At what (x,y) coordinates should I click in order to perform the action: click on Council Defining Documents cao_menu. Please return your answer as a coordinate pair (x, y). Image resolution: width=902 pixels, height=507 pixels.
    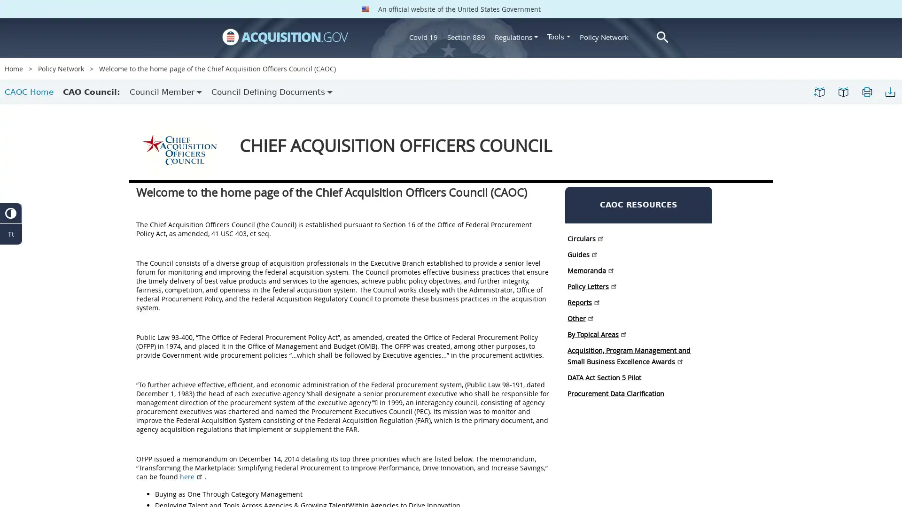
    Looking at the image, I should click on (272, 92).